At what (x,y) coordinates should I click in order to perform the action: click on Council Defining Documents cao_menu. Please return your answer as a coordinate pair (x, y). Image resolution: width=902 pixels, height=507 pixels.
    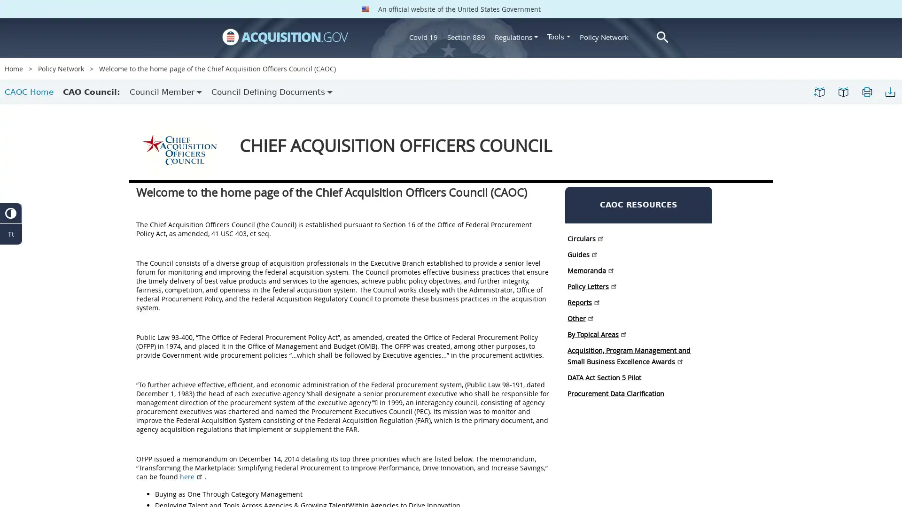
    Looking at the image, I should click on (272, 92).